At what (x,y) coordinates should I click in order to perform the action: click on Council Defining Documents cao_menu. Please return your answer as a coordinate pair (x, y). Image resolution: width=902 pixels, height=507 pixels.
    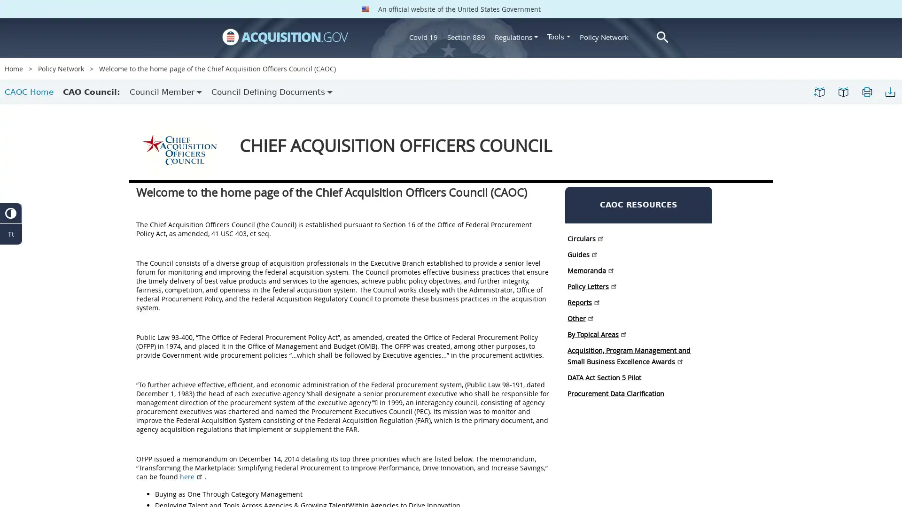
    Looking at the image, I should click on (272, 92).